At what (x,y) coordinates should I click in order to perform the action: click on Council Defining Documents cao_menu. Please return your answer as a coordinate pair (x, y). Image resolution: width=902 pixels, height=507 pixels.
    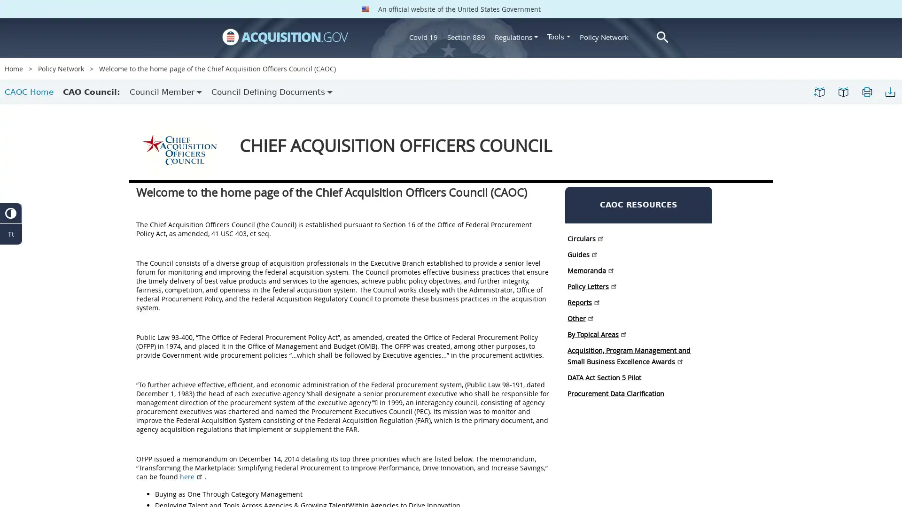
    Looking at the image, I should click on (272, 92).